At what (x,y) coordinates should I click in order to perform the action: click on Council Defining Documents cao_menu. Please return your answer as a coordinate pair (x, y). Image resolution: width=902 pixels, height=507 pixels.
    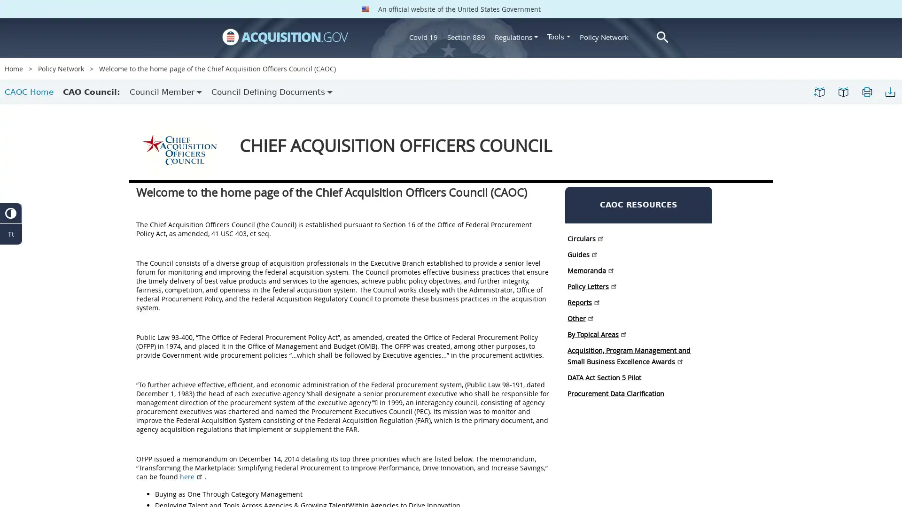
    Looking at the image, I should click on (272, 92).